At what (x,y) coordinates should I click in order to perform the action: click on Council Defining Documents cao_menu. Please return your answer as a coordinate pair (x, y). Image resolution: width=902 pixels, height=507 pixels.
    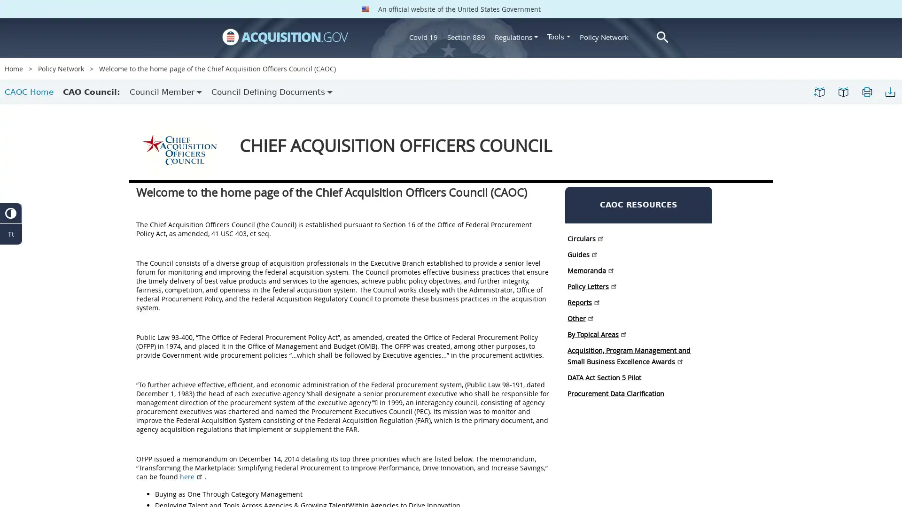
    Looking at the image, I should click on (272, 92).